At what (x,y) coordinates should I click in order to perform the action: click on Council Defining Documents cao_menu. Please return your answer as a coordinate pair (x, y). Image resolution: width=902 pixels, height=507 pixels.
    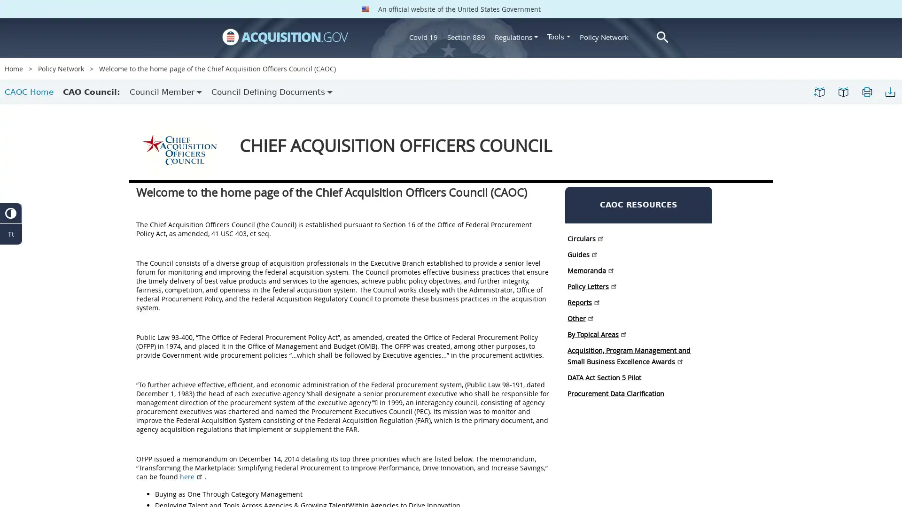
    Looking at the image, I should click on (272, 92).